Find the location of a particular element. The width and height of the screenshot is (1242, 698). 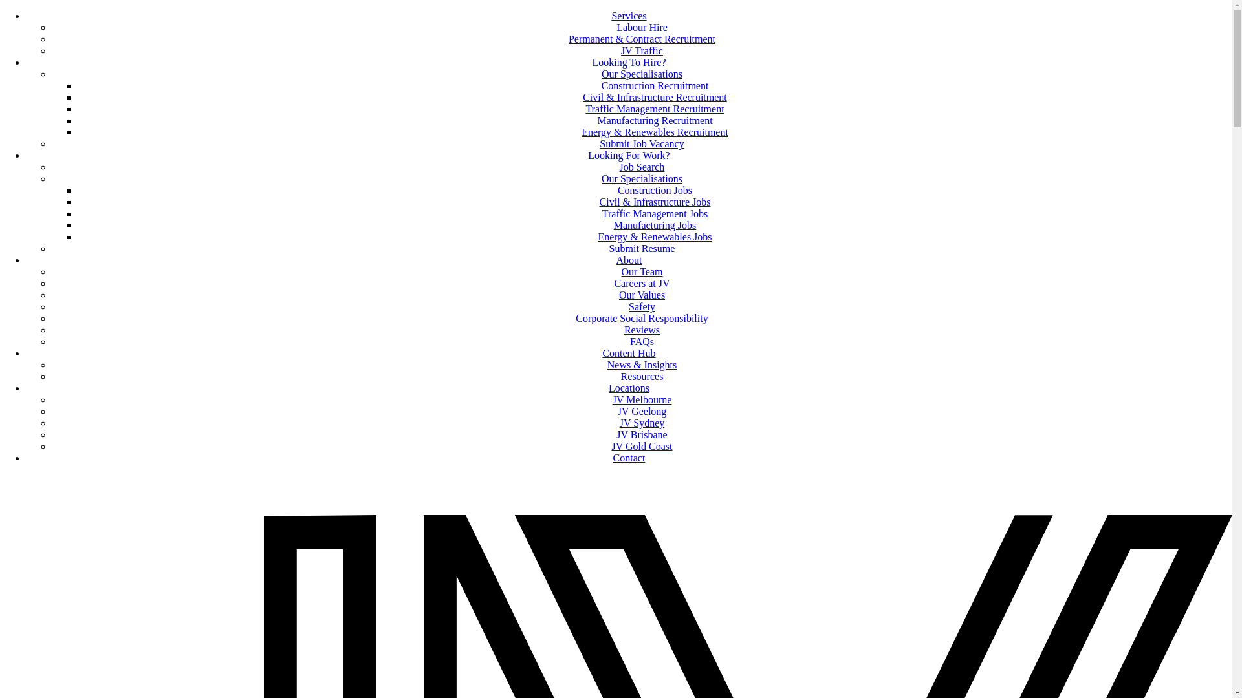

'Manufacturing Recruitment' is located at coordinates (596, 120).